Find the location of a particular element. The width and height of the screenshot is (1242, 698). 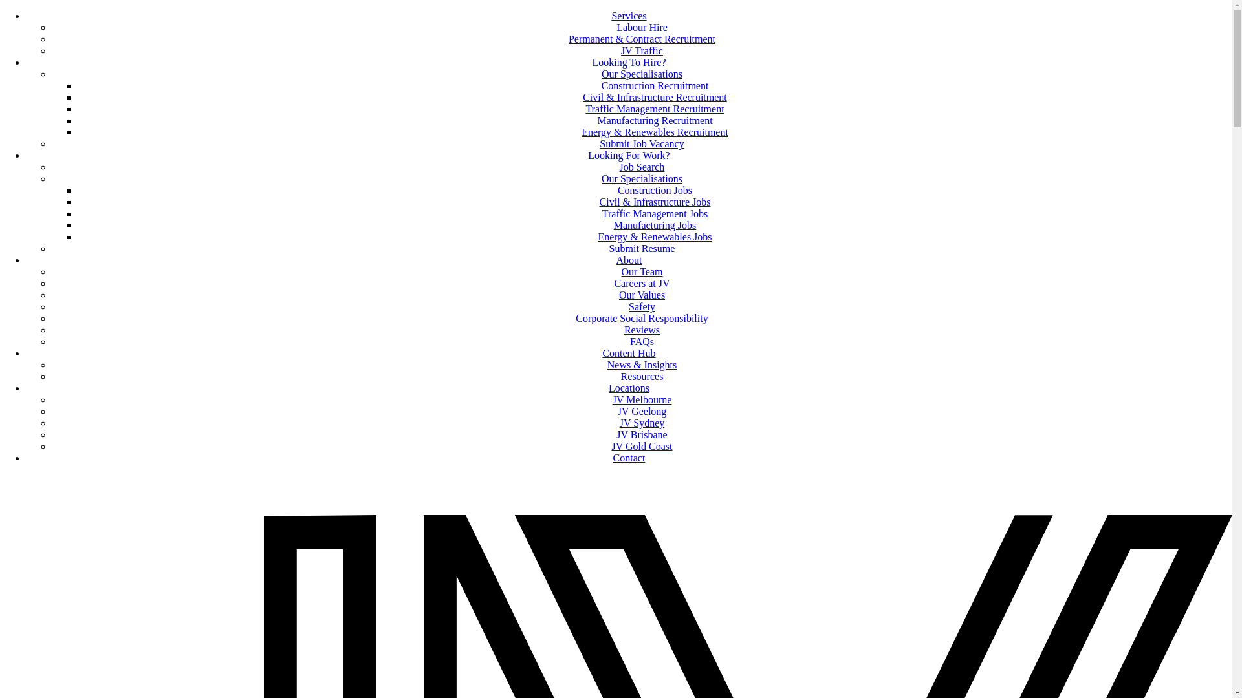

'Manufacturing Recruitment' is located at coordinates (596, 120).